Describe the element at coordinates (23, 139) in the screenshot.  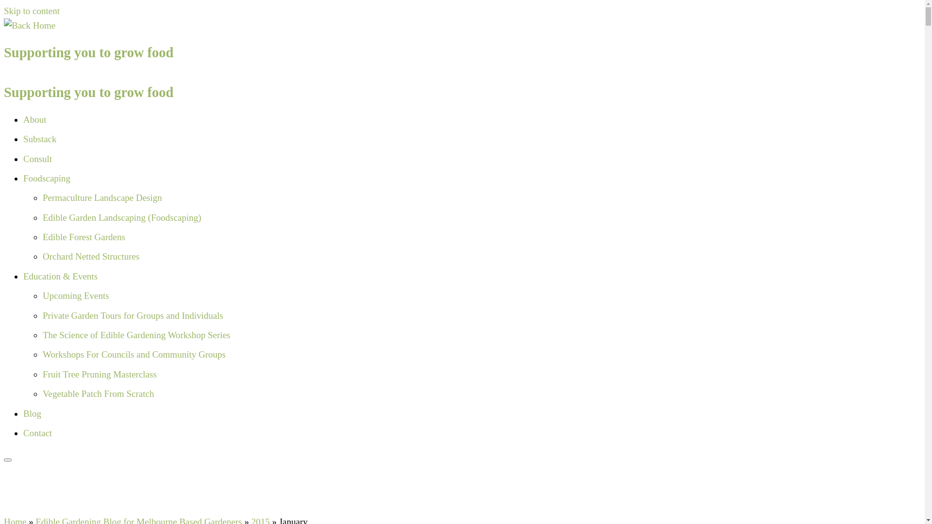
I see `'Substack'` at that location.